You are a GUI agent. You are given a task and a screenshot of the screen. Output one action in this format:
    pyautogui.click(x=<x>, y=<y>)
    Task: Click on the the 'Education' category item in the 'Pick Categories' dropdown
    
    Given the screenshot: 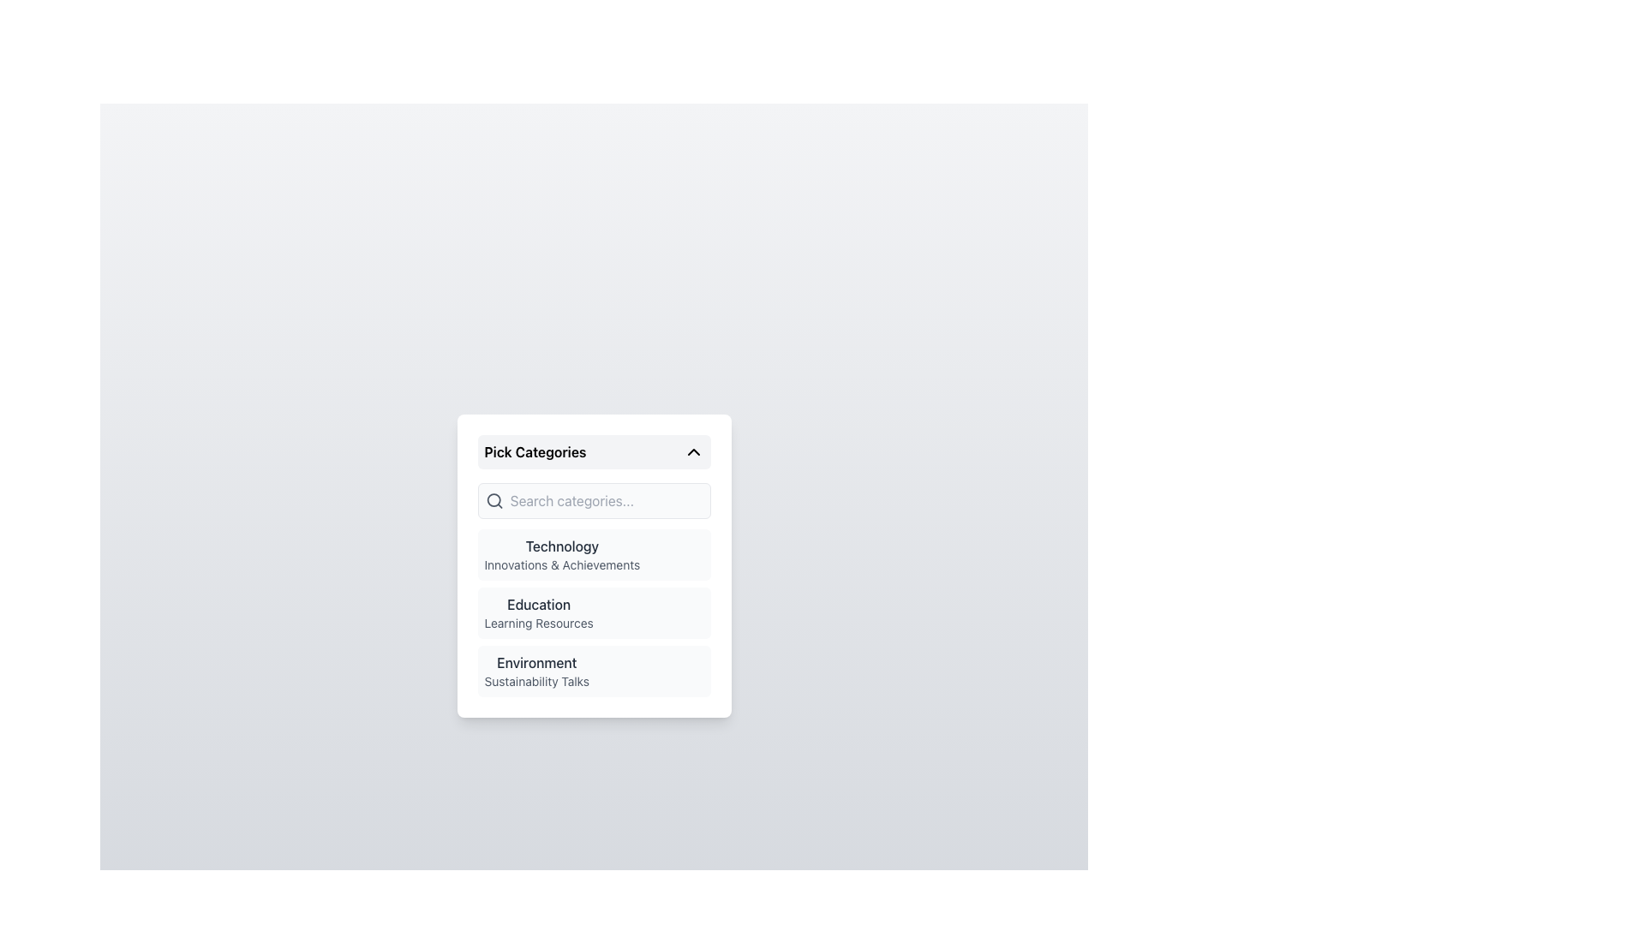 What is the action you would take?
    pyautogui.click(x=594, y=589)
    